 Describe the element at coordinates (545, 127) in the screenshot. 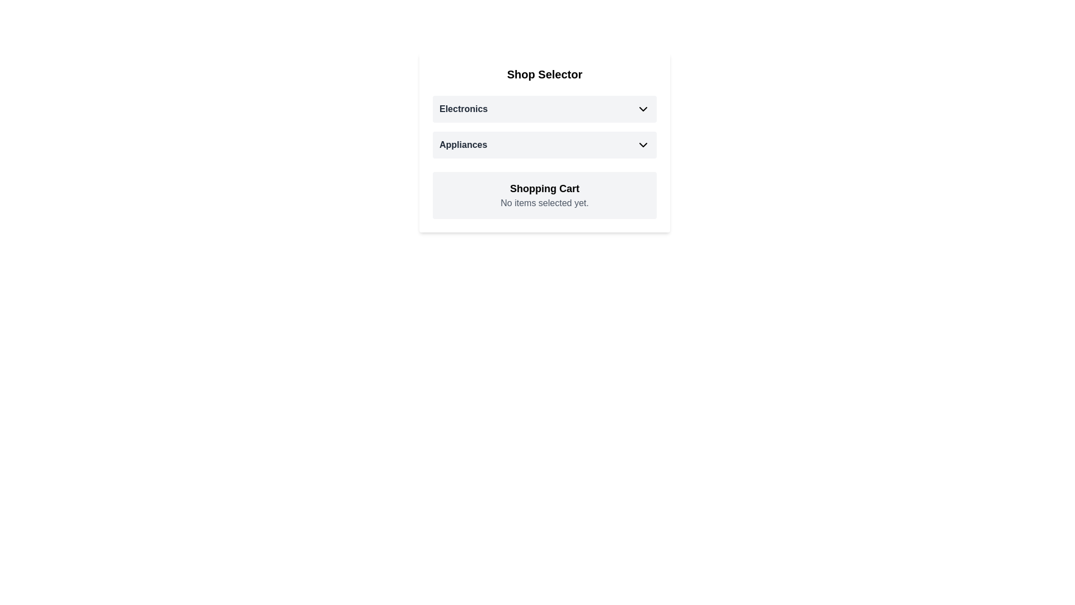

I see `the Dropdown menu group containing 'Electronics' and 'Appliances'` at that location.